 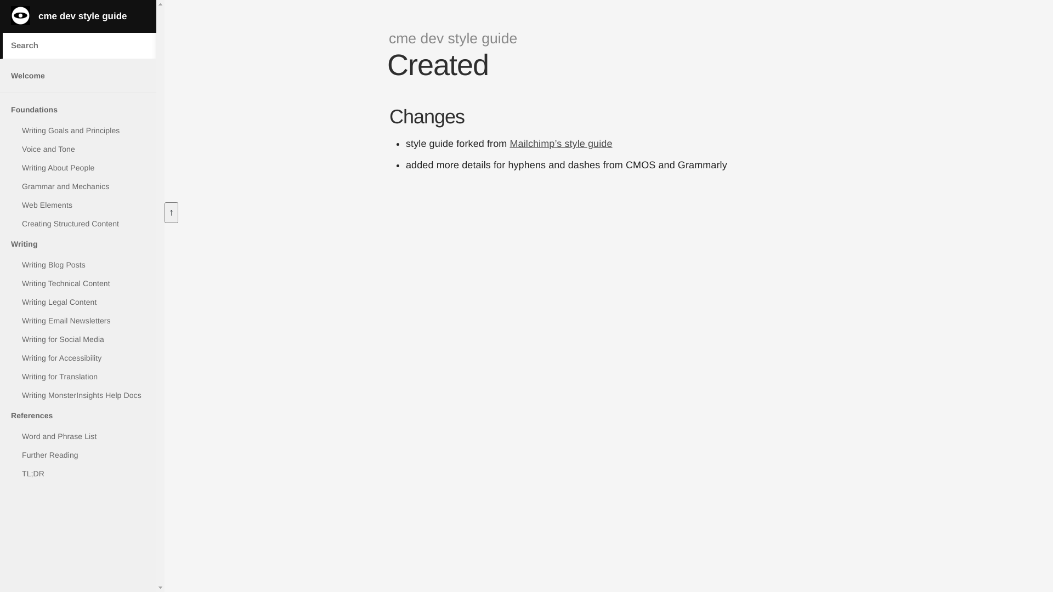 What do you see at coordinates (77, 205) in the screenshot?
I see `'Web Elements'` at bounding box center [77, 205].